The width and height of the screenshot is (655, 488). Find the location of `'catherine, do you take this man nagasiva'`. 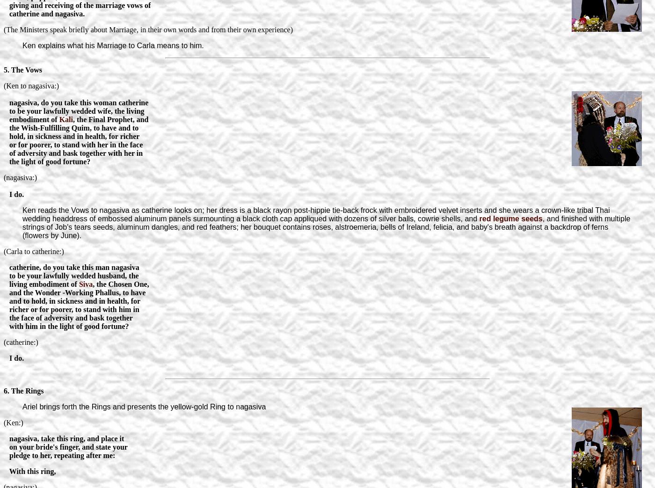

'catherine, do you take this man nagasiva' is located at coordinates (3, 267).